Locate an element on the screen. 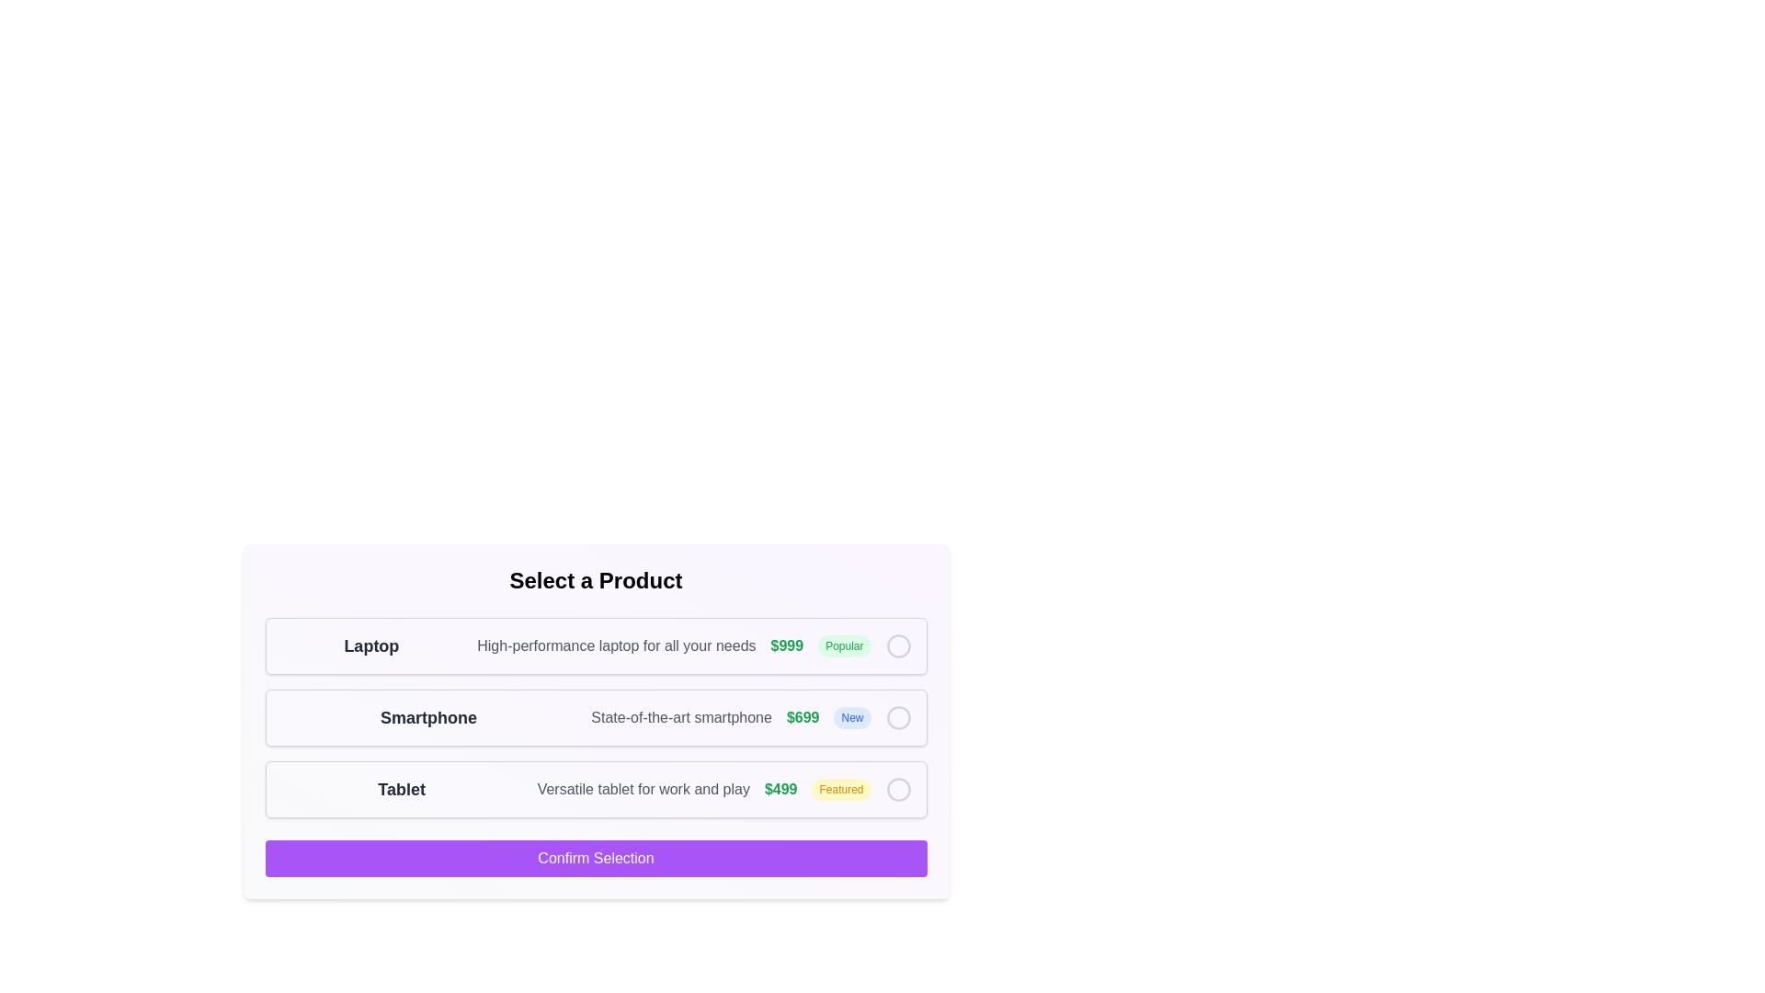 The image size is (1765, 993). the 'Tablet' product option from the selectable list by clicking on its associated radio button, which is the third item in the list below 'Smartphone' is located at coordinates (596, 789).